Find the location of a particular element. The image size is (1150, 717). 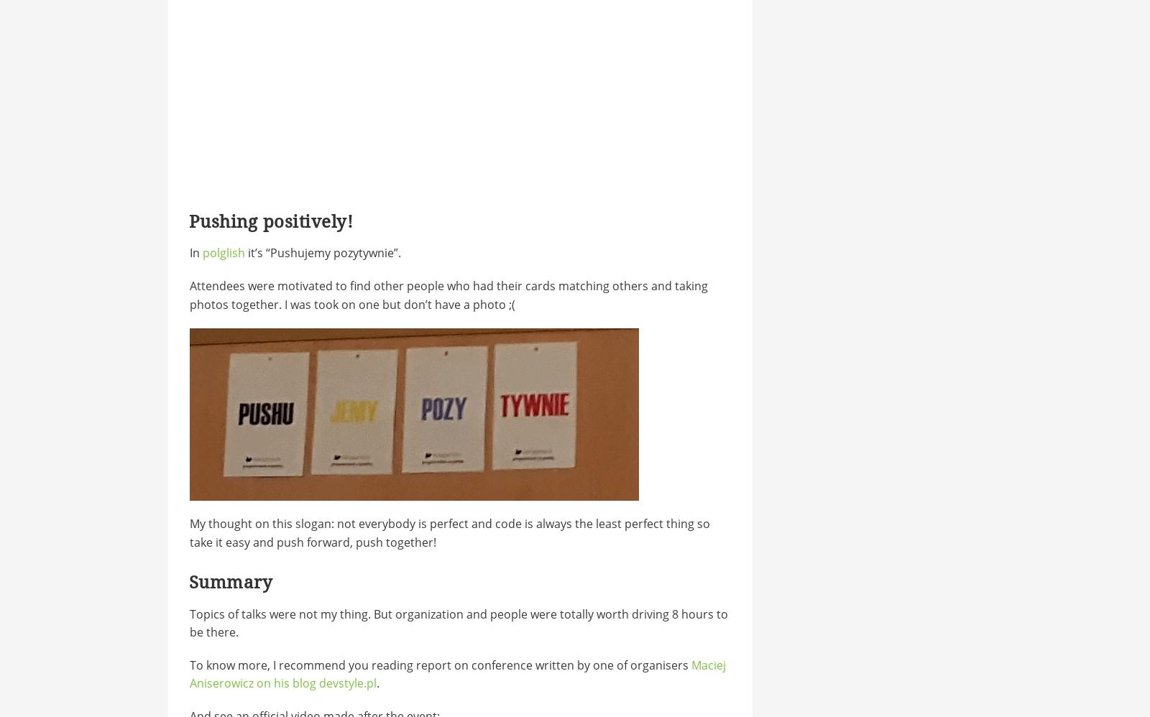

'Topics of talks were not my thing. But organization and people were totally worth driving 8 hours to be there.' is located at coordinates (189, 621).